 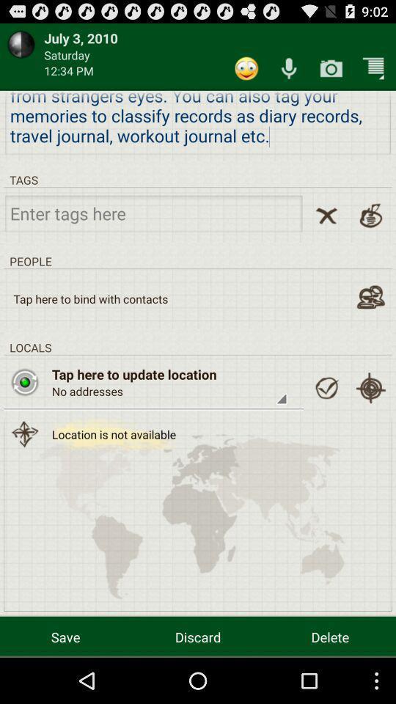 I want to click on location, so click(x=326, y=387).